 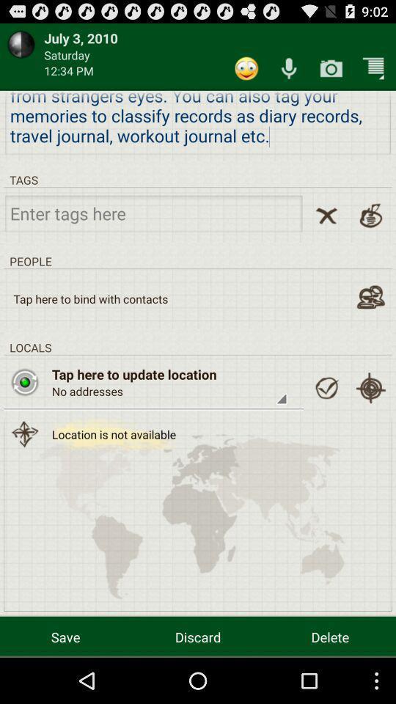 I want to click on location, so click(x=326, y=387).